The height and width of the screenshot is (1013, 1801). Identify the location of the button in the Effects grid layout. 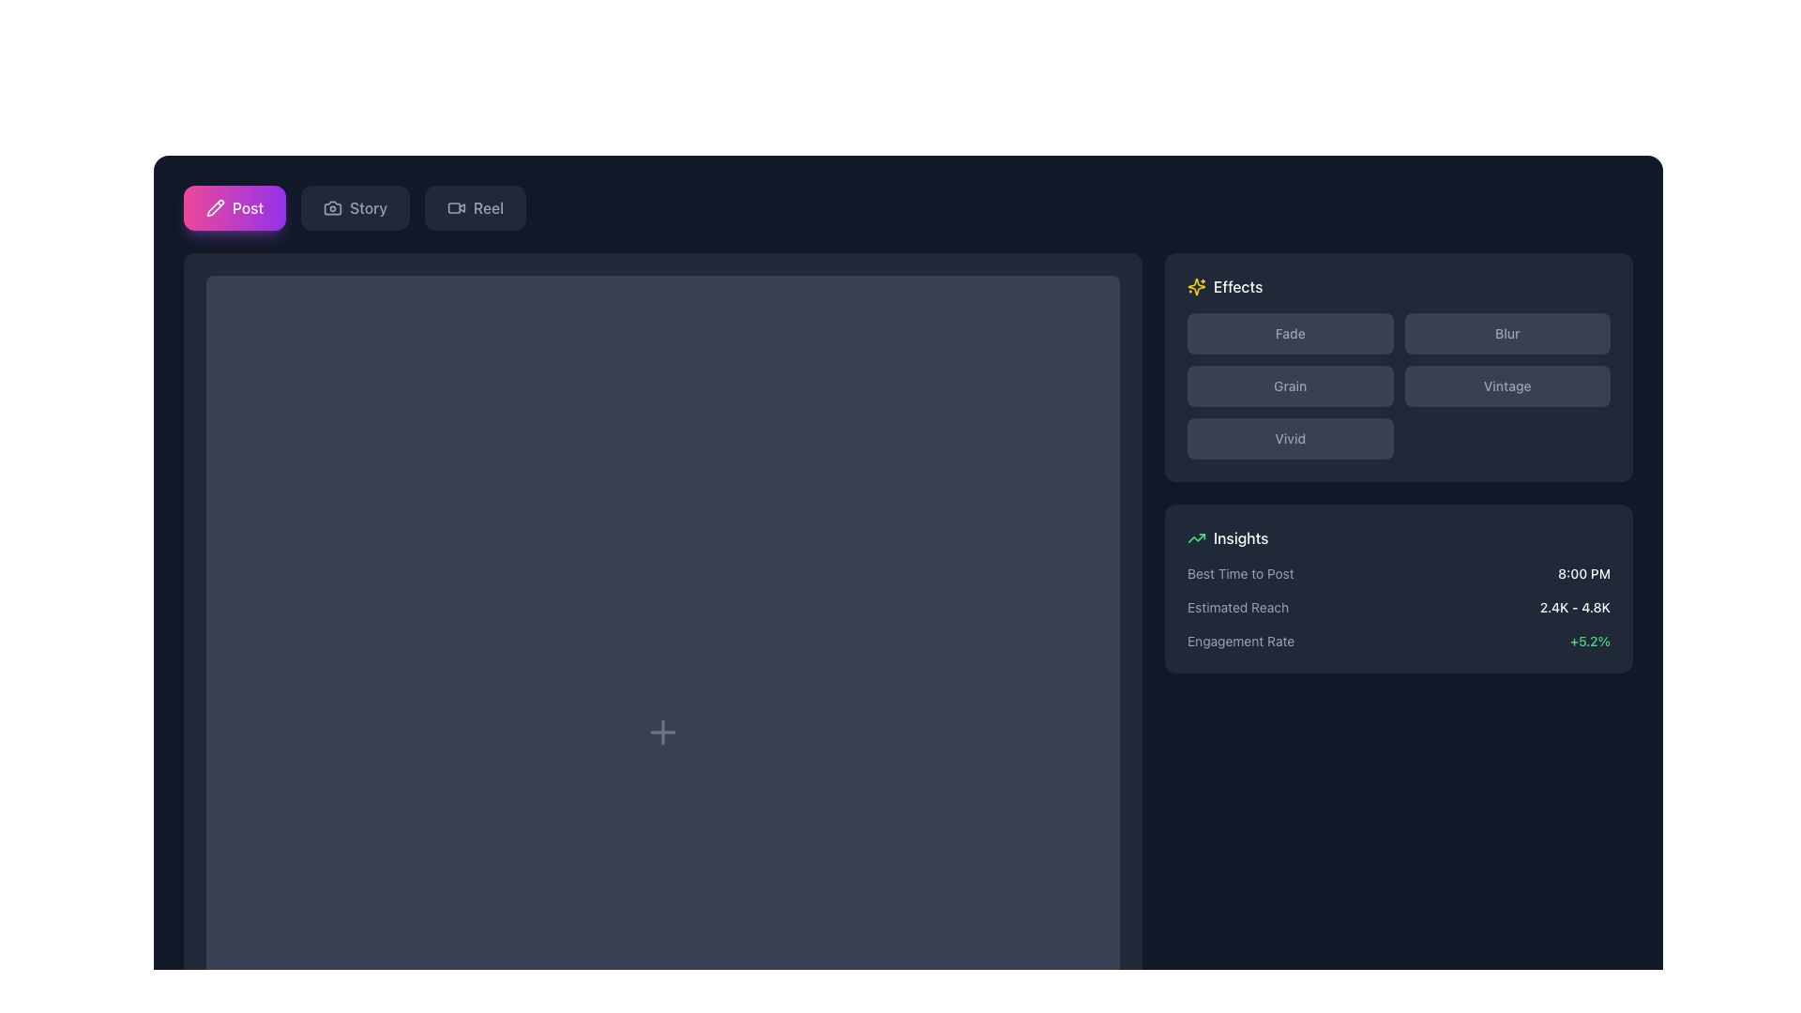
(1399, 386).